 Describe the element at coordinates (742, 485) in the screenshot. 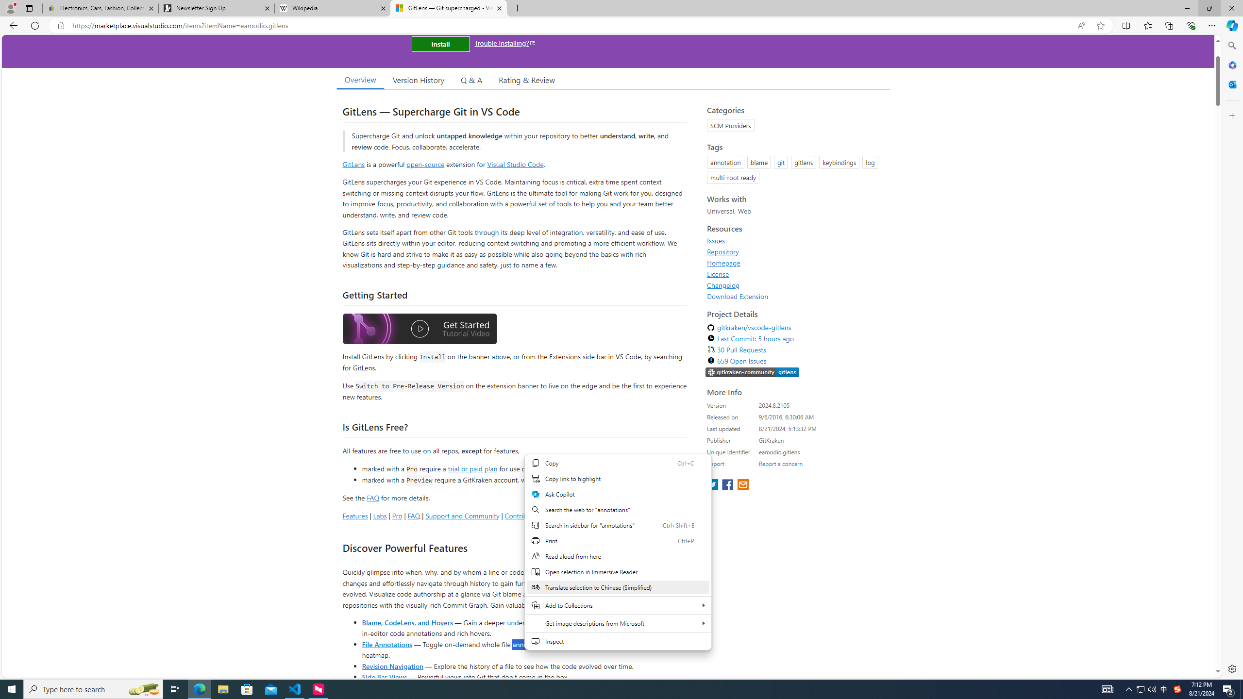

I see `'share extension on email'` at that location.